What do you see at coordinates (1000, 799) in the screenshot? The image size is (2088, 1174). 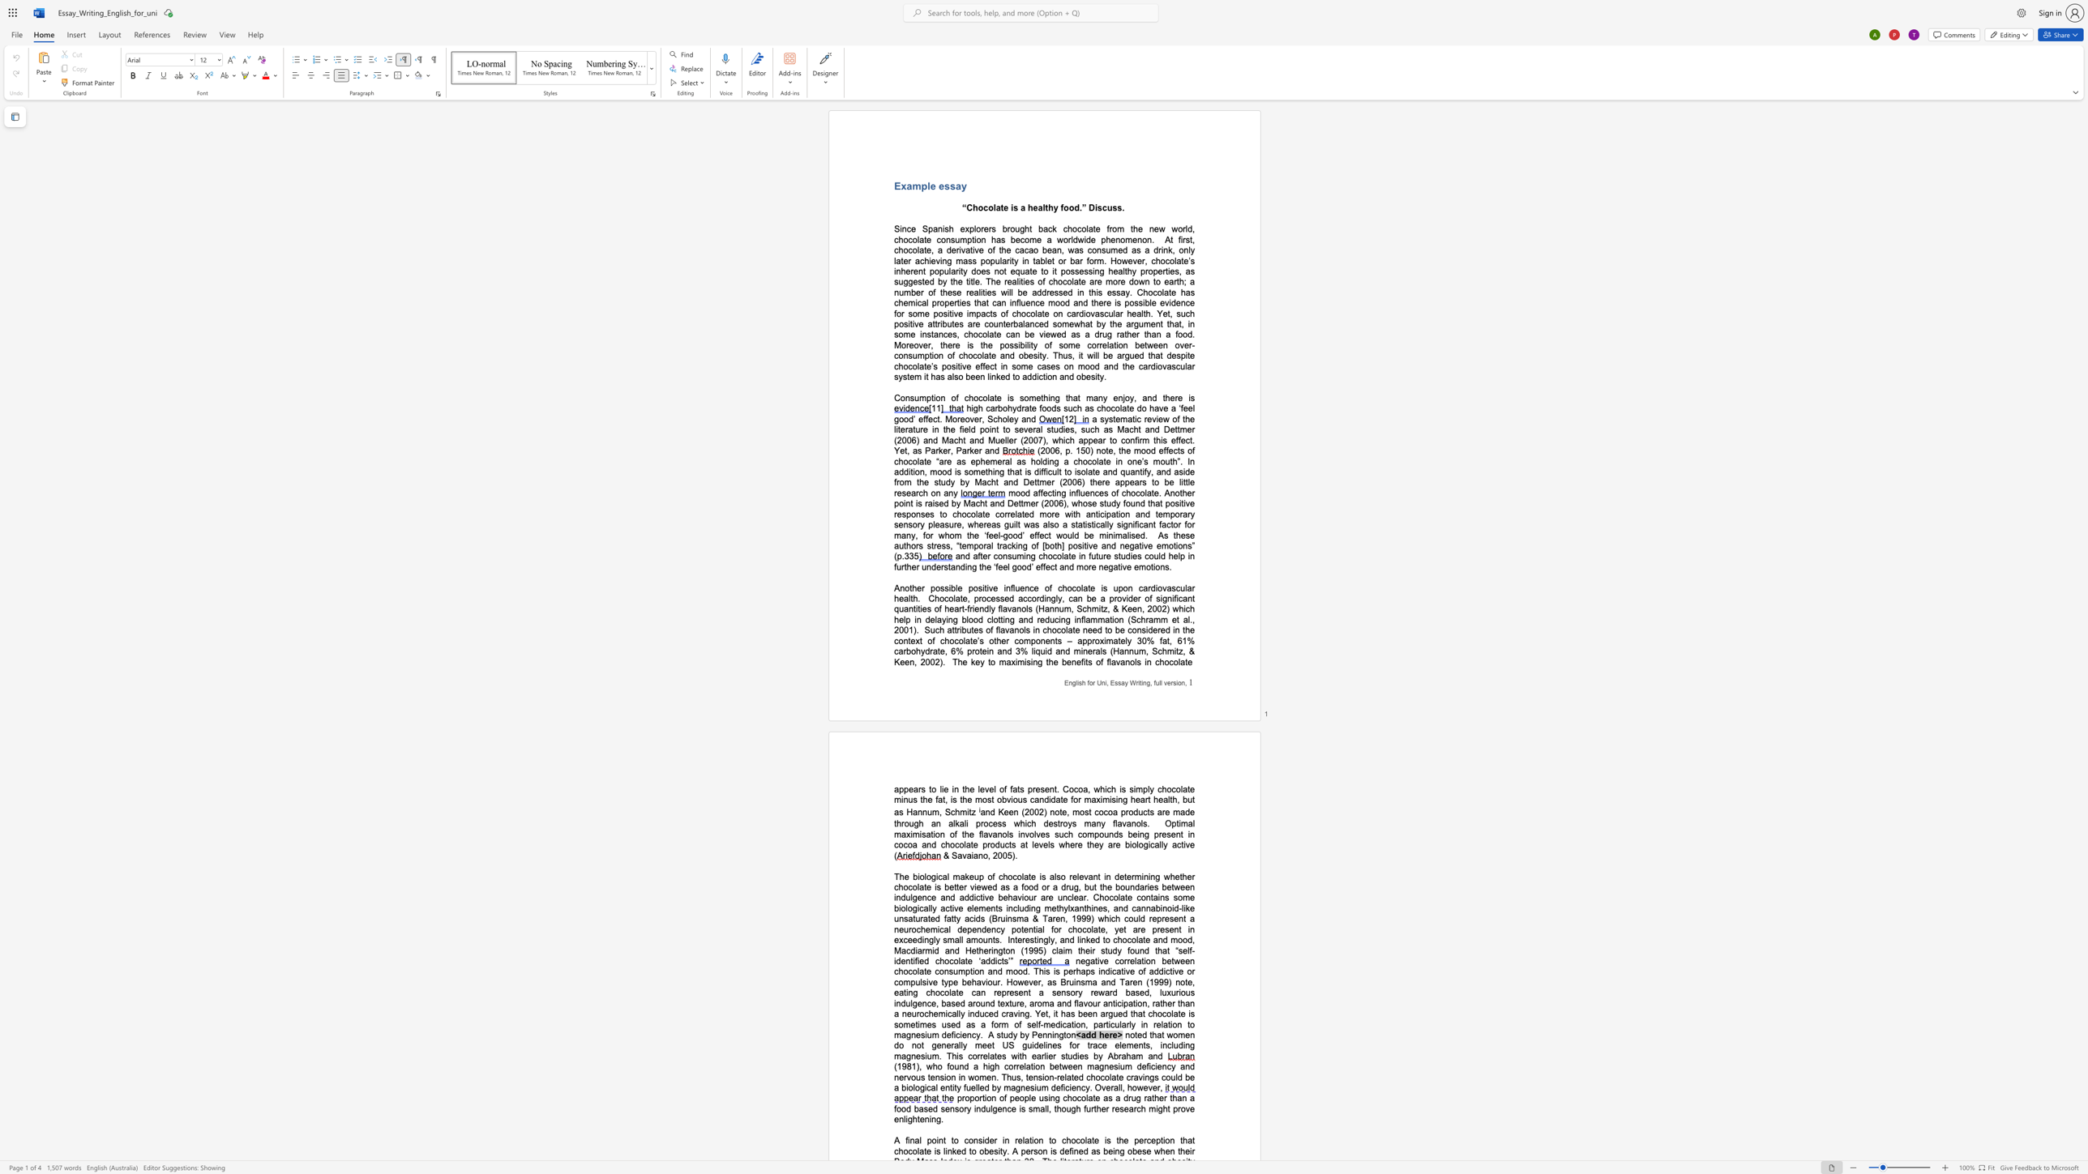 I see `the space between the continuous character "o" and "b" in the text` at bounding box center [1000, 799].